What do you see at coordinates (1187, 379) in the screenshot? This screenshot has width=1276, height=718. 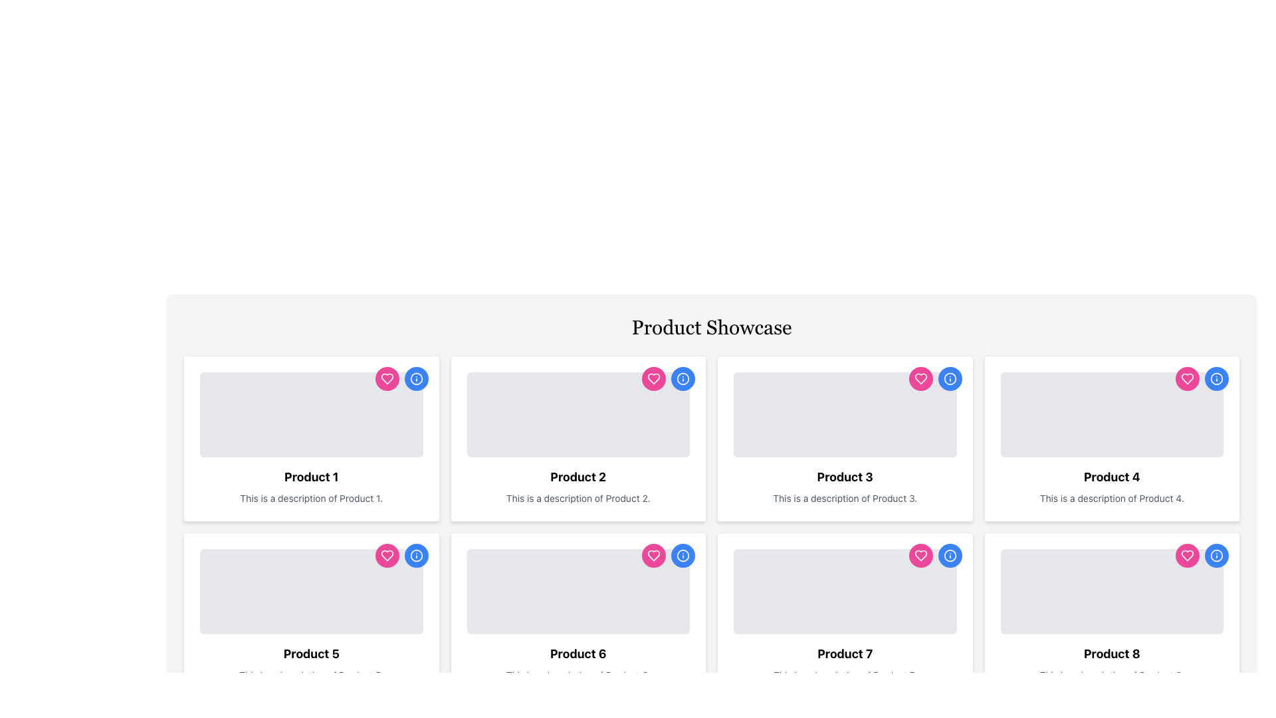 I see `the heart-shaped icon` at bounding box center [1187, 379].